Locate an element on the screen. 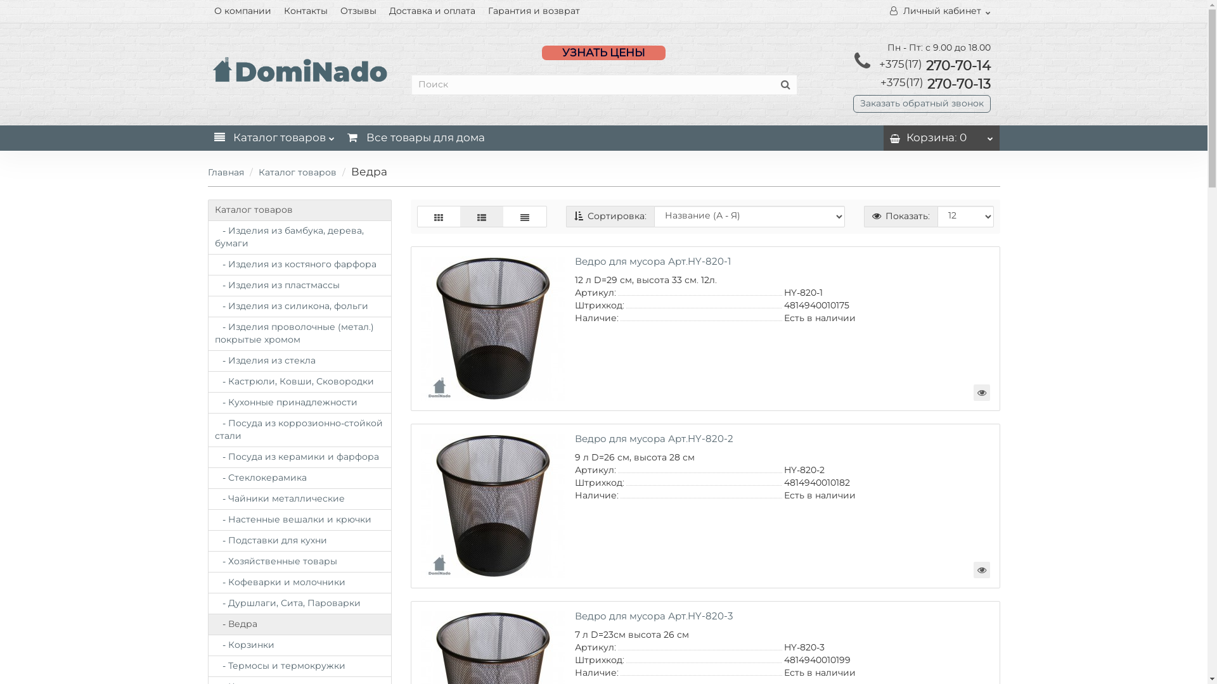 This screenshot has height=684, width=1217. '+375(17) 270-70-14' is located at coordinates (934, 66).